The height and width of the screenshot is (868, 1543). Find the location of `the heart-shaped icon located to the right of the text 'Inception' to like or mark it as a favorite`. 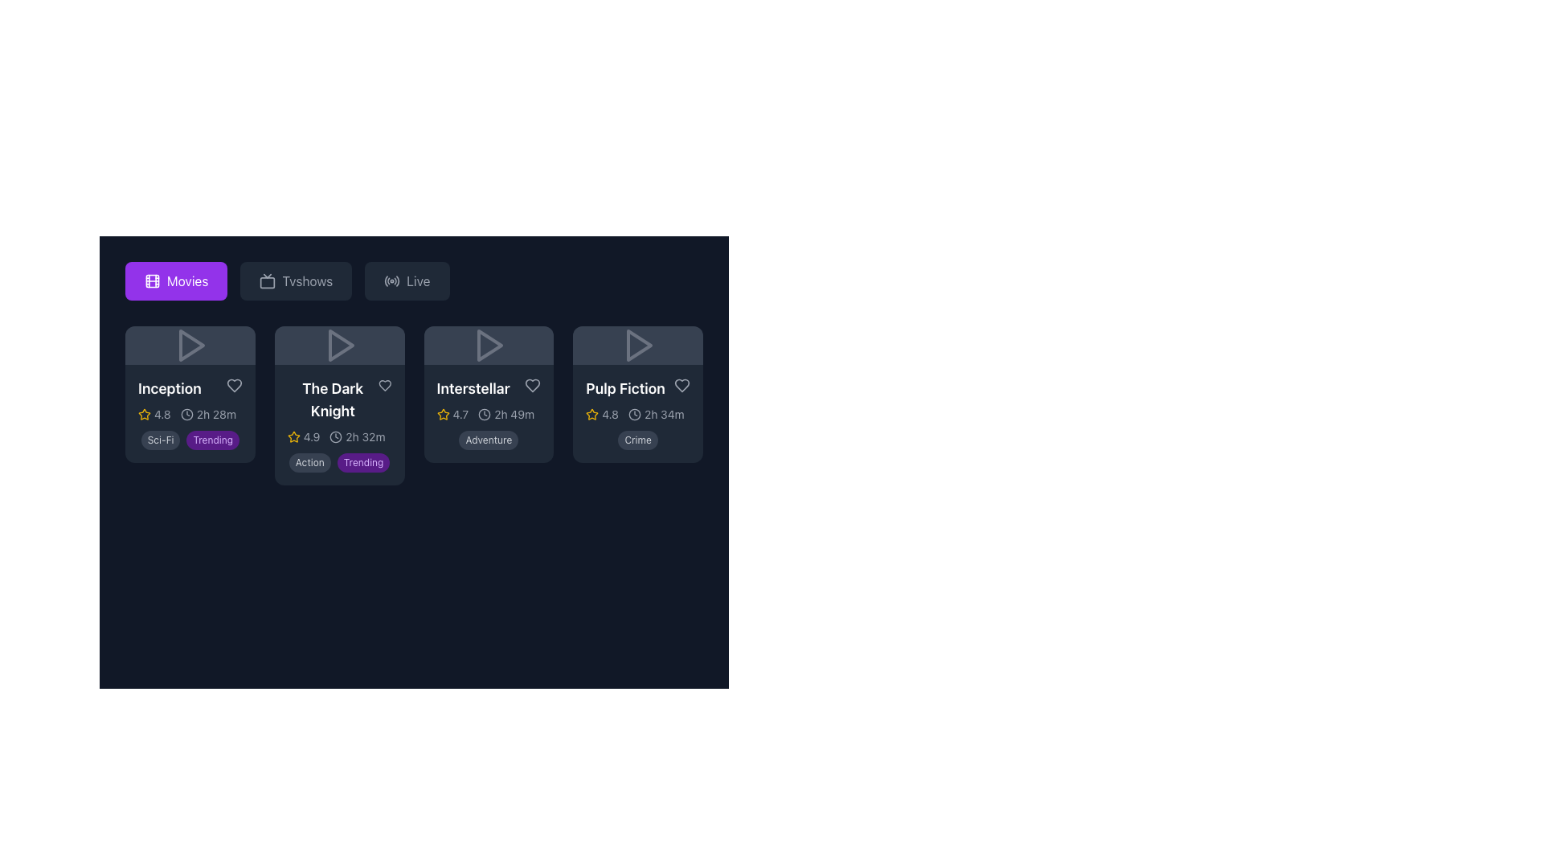

the heart-shaped icon located to the right of the text 'Inception' to like or mark it as a favorite is located at coordinates (233, 385).